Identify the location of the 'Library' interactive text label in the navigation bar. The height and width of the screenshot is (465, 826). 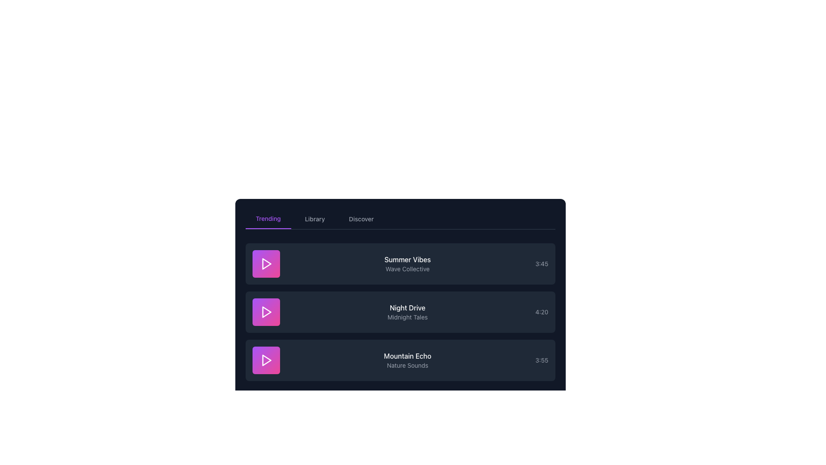
(314, 219).